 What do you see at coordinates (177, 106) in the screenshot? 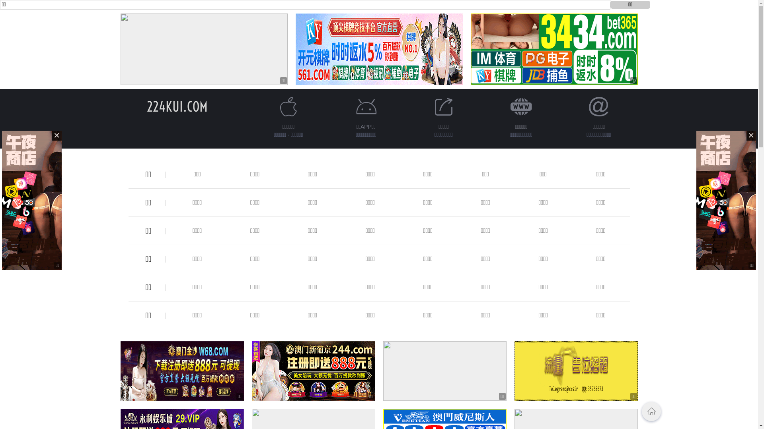
I see `'224KUI.COM'` at bounding box center [177, 106].